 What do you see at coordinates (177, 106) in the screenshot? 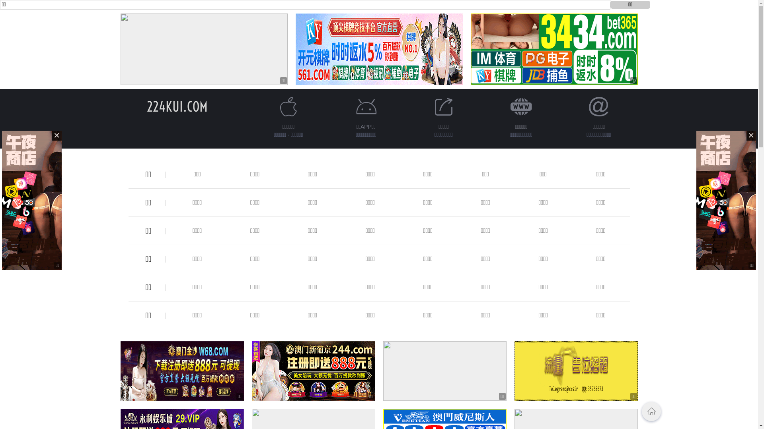
I see `'224KUI.COM'` at bounding box center [177, 106].